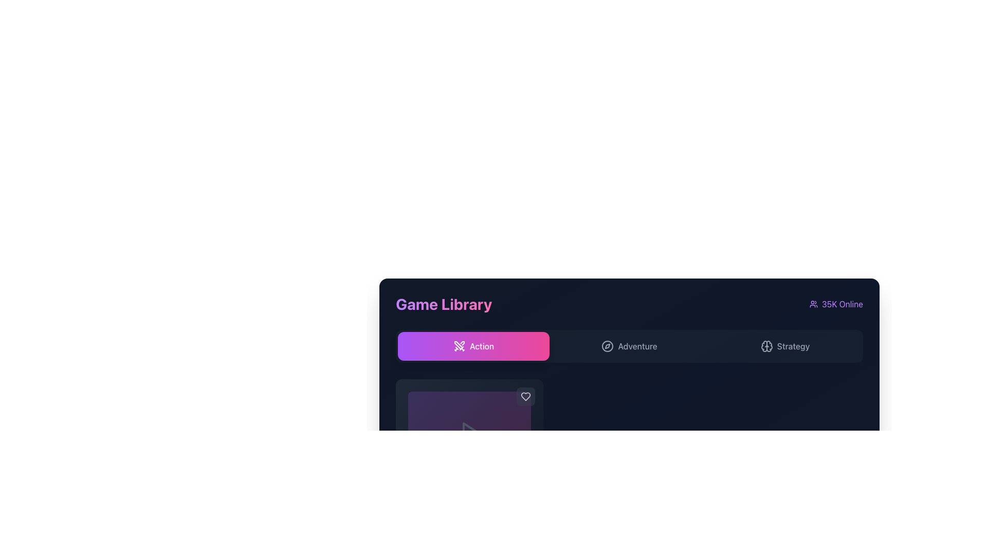 This screenshot has width=987, height=555. What do you see at coordinates (470, 432) in the screenshot?
I see `the play-related action icon located near the center of the 'Action' category button` at bounding box center [470, 432].